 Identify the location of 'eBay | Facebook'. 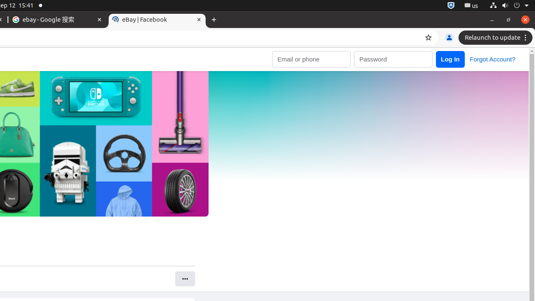
(157, 19).